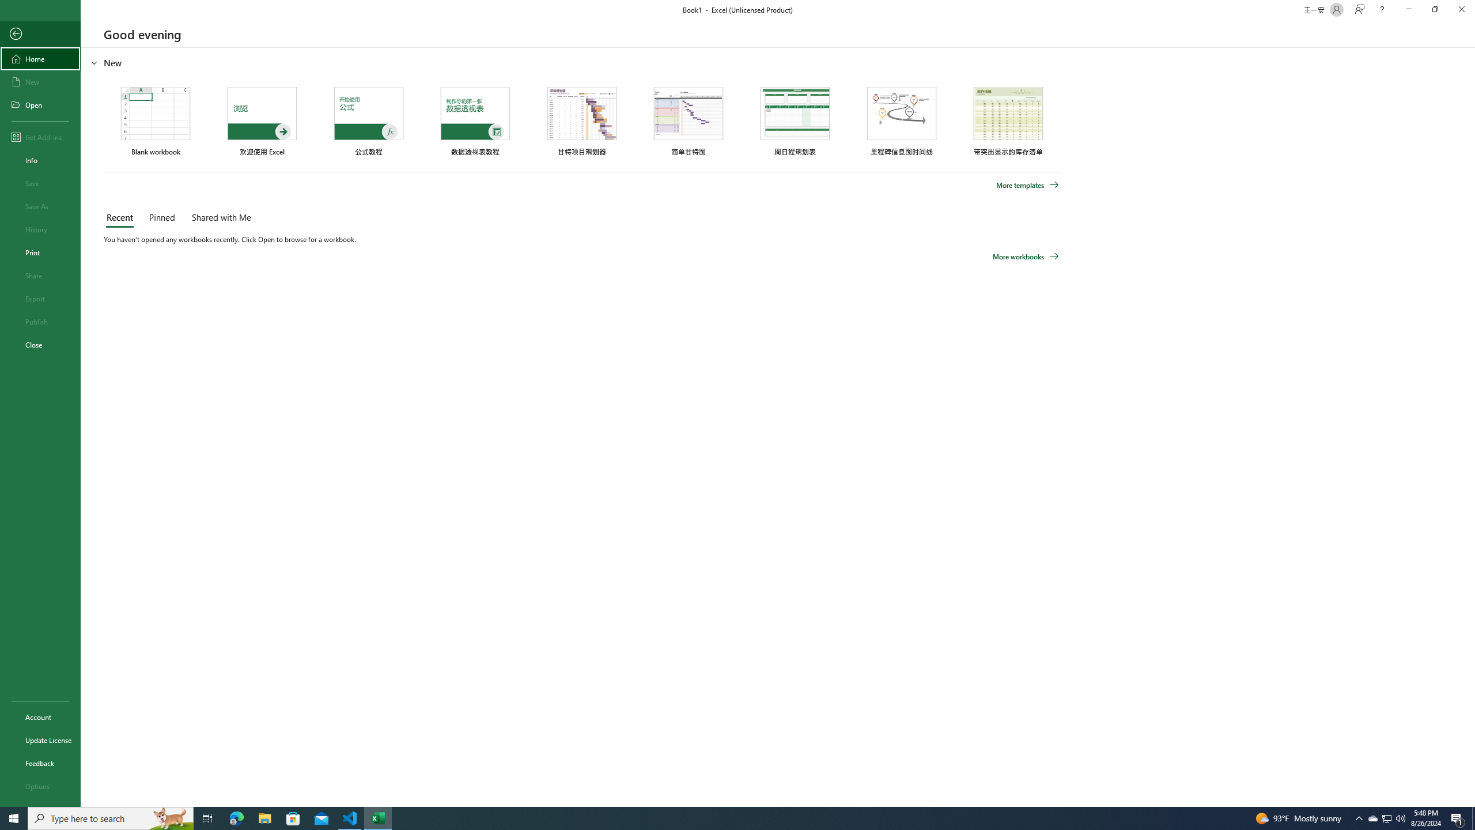 This screenshot has width=1475, height=830. What do you see at coordinates (122, 218) in the screenshot?
I see `'Recent'` at bounding box center [122, 218].